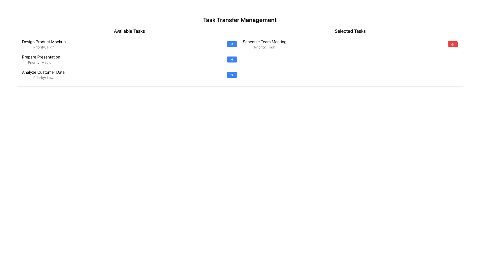 This screenshot has height=270, width=481. Describe the element at coordinates (44, 44) in the screenshot. I see `information displayed in the textual element representing the task titled 'Design Product Mockup' with priority 'High'` at that location.